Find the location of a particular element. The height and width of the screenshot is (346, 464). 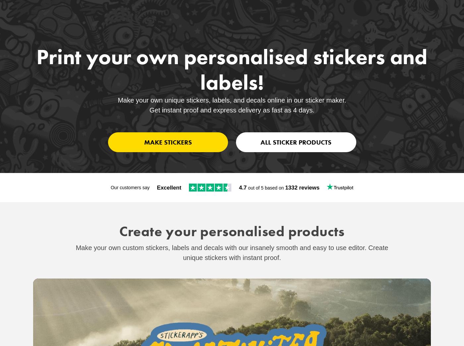

'For businesses' is located at coordinates (389, 16).